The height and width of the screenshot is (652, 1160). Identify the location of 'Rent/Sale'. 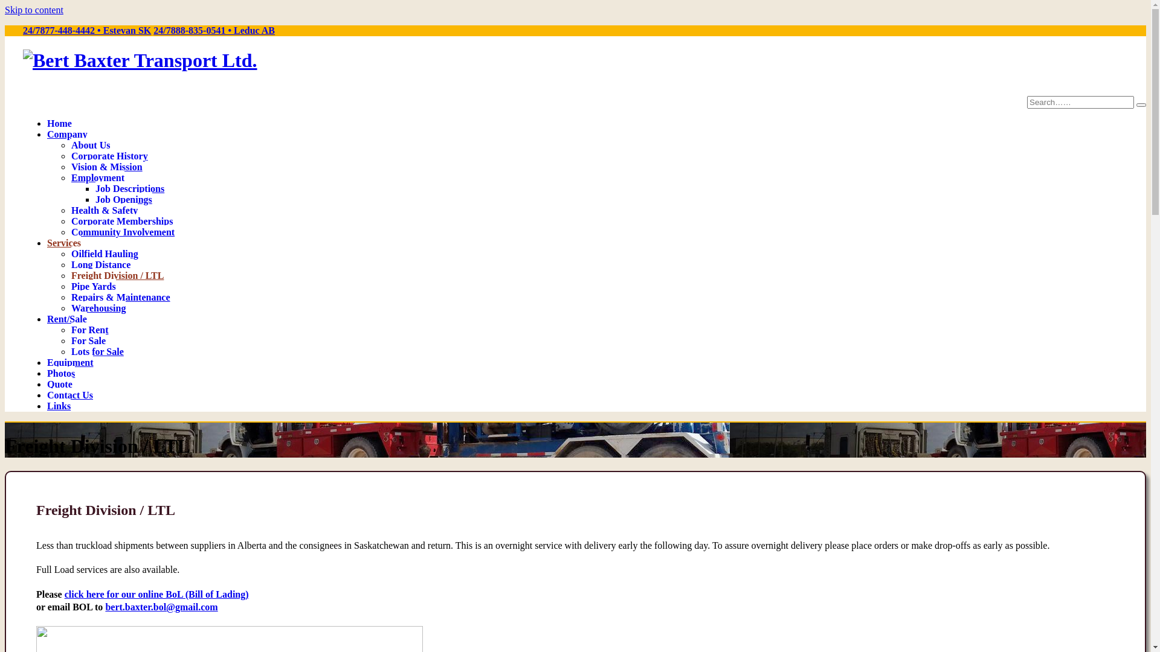
(66, 318).